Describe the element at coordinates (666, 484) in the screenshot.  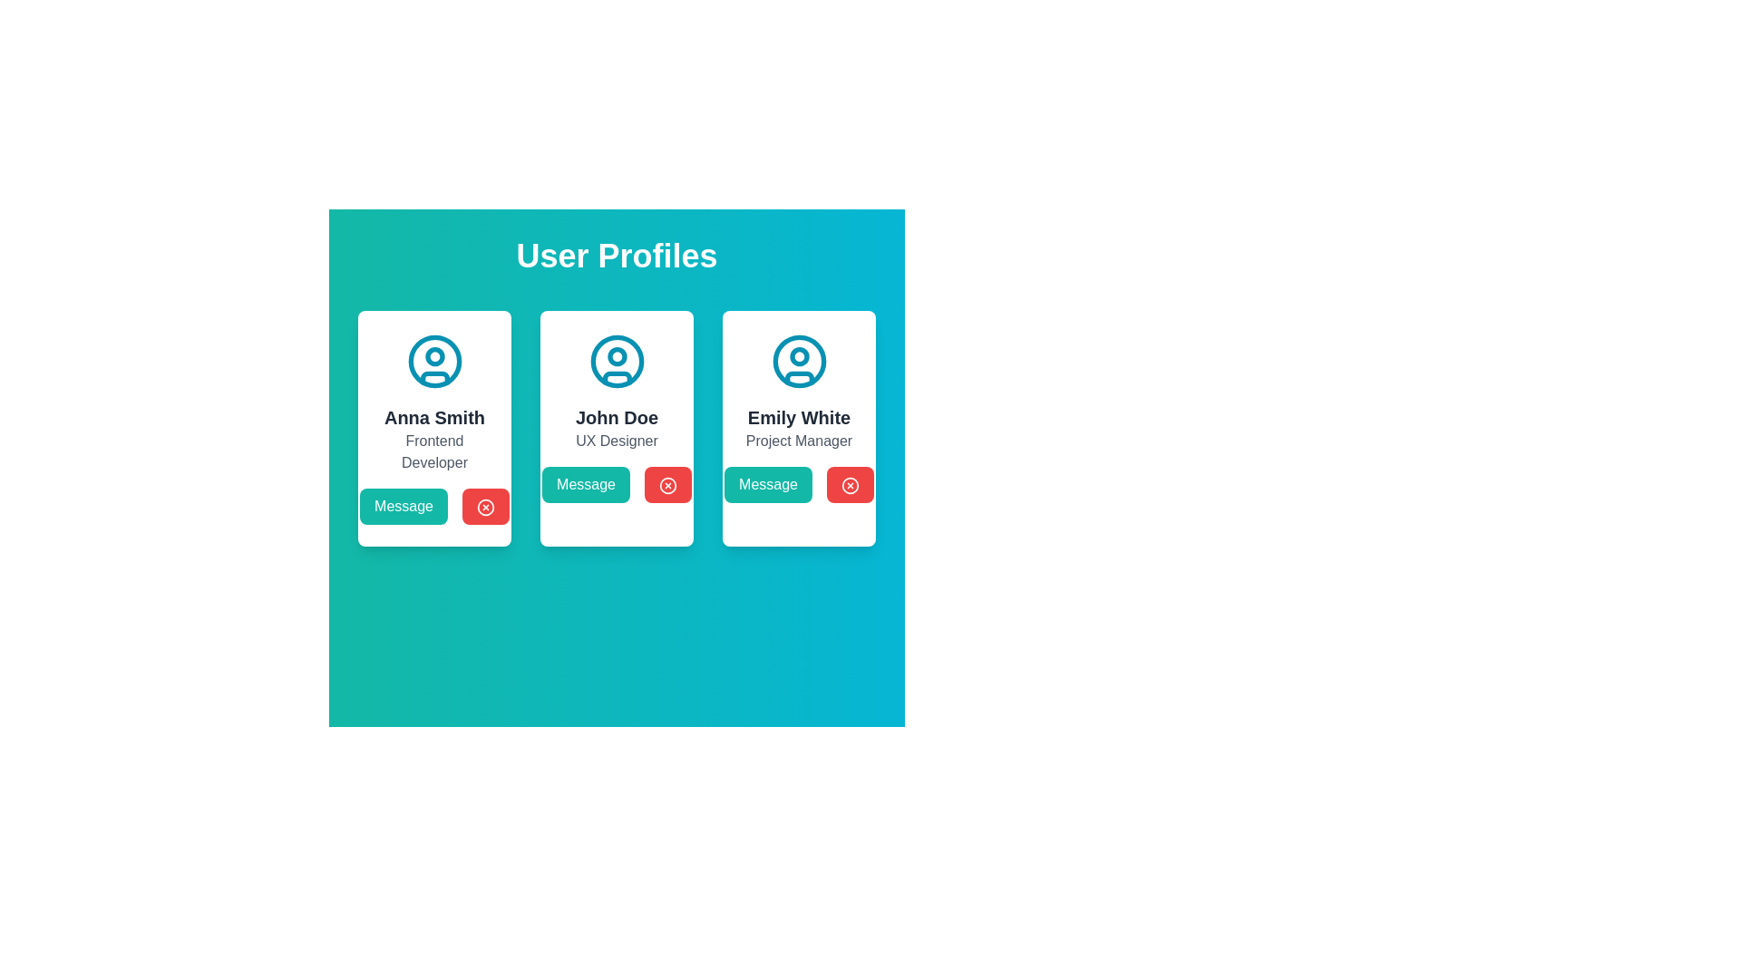
I see `the delete or cancel button associated with the user card for 'John Doe', located at the bottom-right corner below 'UX Designer'` at that location.